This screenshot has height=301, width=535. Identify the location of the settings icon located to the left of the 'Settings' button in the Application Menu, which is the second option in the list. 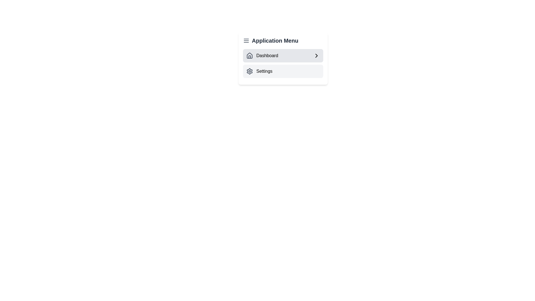
(249, 71).